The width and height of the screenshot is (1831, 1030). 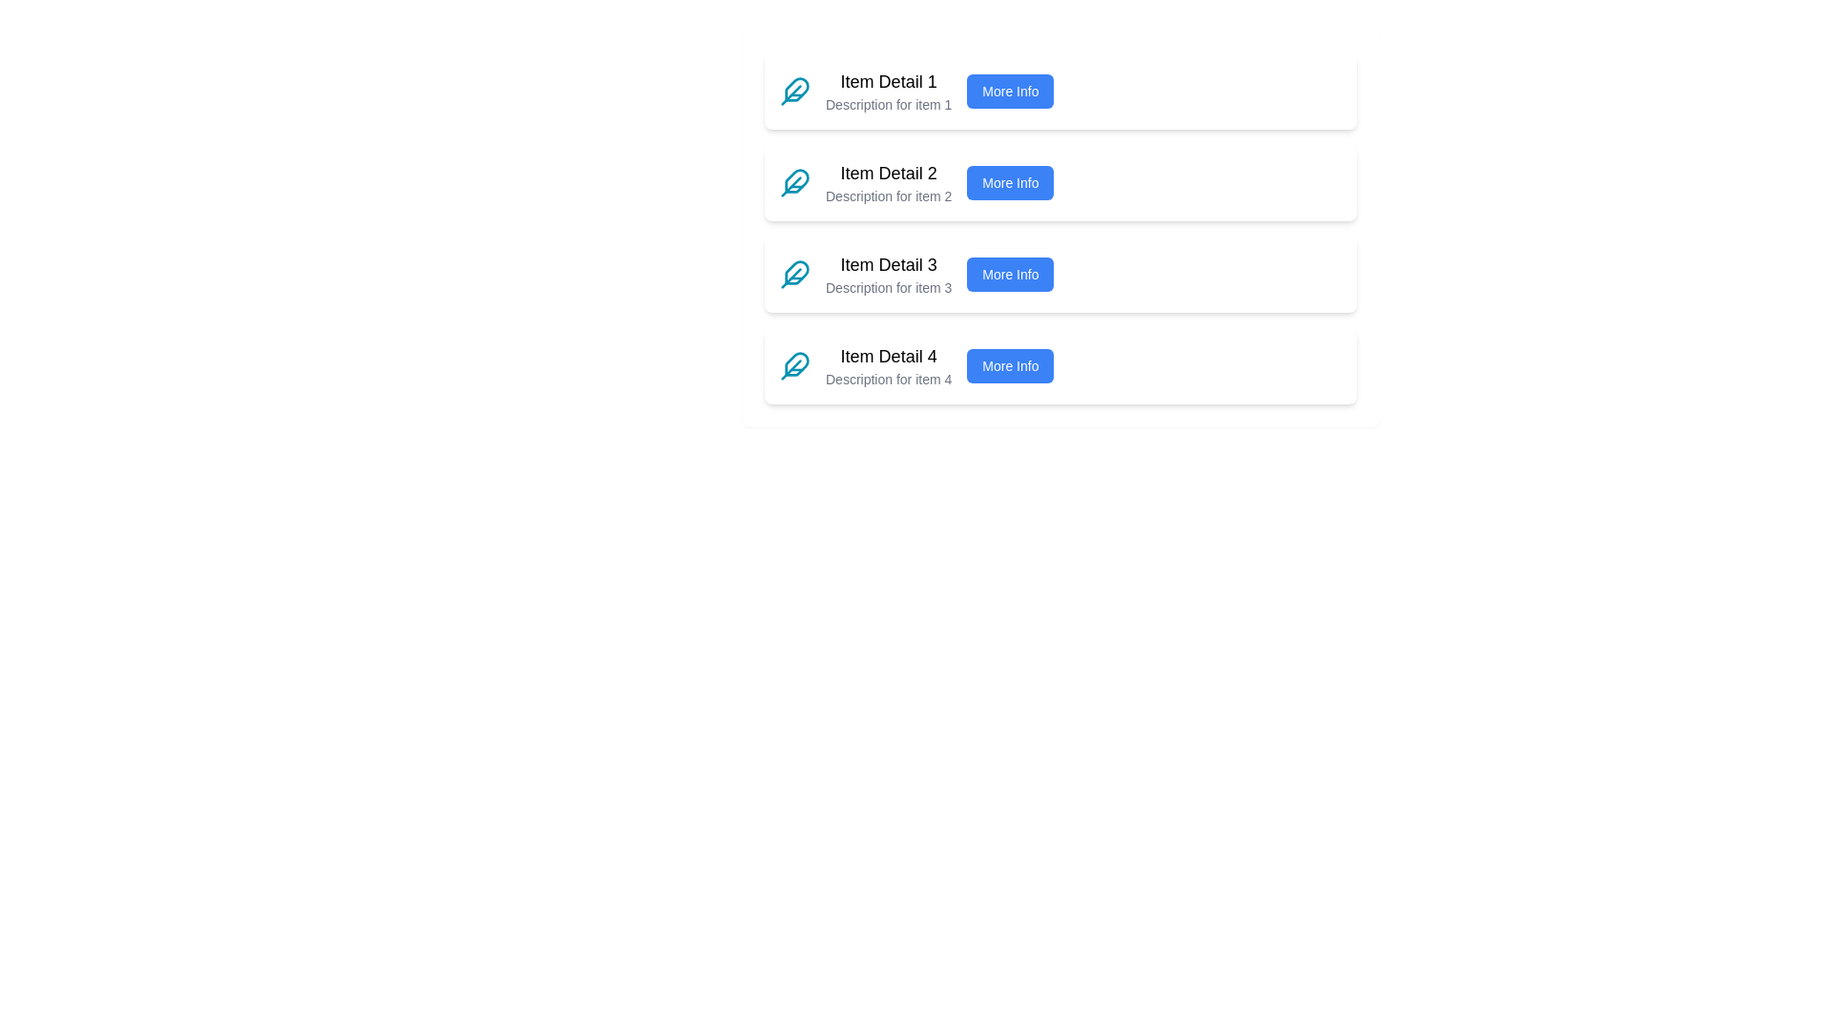 I want to click on the Text Block with the bold text 'Item Detail 2' and the light gray text 'Description for item 2', which is the second item in a vertical list, so click(x=888, y=183).